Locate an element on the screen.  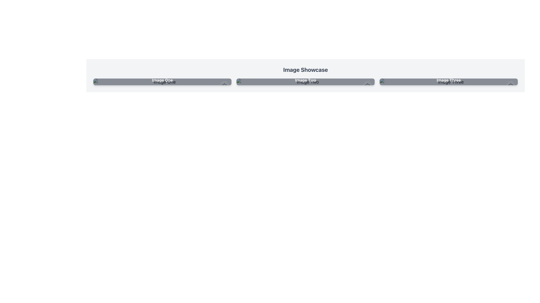
the image labeled 'Image Two' which is centrally positioned between 'Image One' and 'Image Three' in the image showcase is located at coordinates (305, 82).